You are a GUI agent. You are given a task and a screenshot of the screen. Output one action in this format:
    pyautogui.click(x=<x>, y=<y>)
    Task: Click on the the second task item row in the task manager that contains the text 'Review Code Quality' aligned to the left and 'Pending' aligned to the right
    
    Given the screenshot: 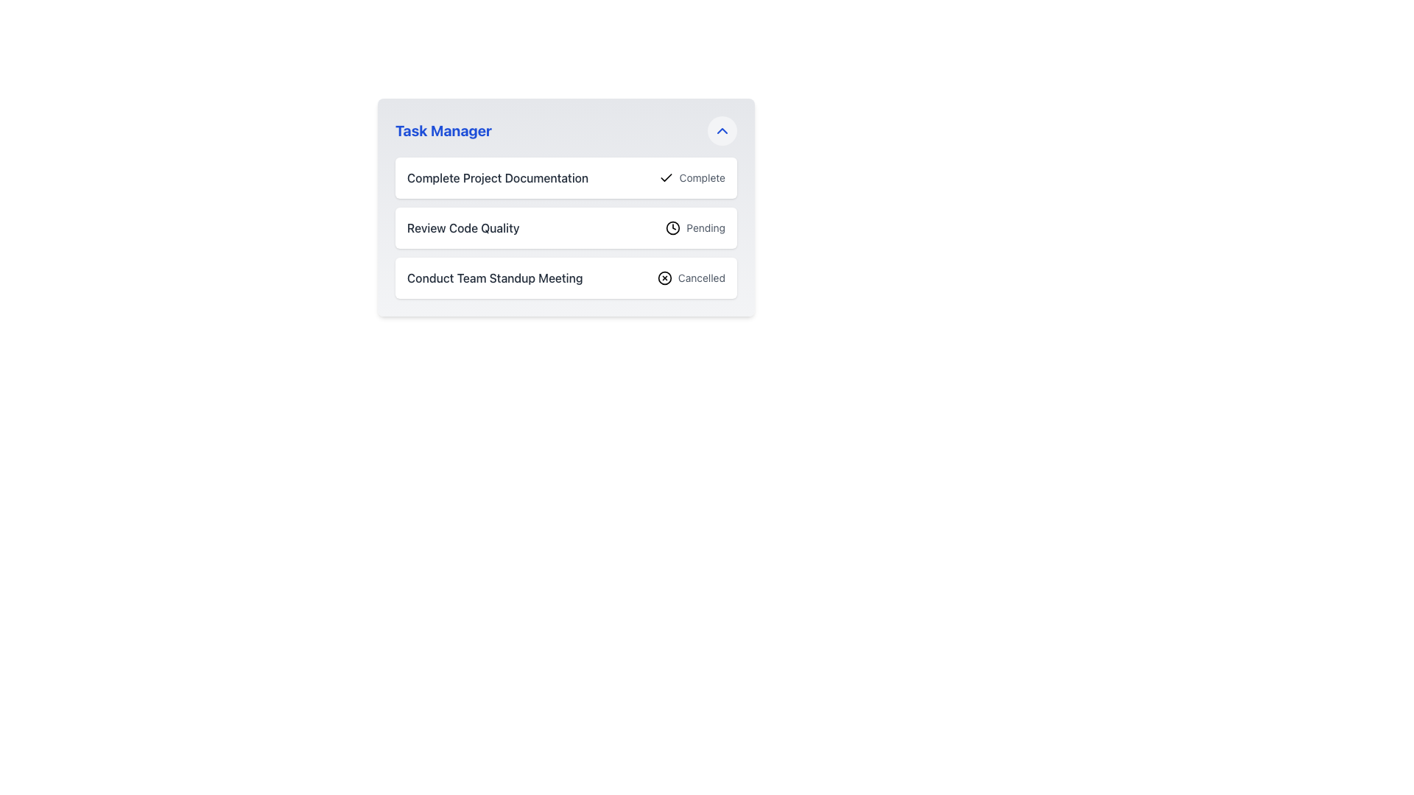 What is the action you would take?
    pyautogui.click(x=565, y=207)
    